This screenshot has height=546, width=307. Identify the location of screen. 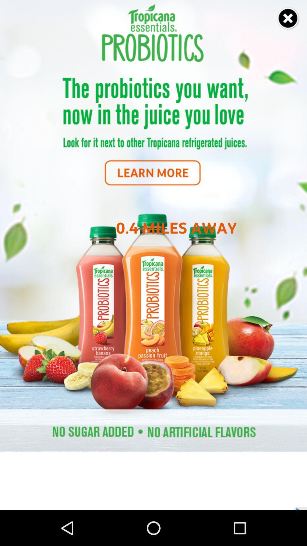
(288, 18).